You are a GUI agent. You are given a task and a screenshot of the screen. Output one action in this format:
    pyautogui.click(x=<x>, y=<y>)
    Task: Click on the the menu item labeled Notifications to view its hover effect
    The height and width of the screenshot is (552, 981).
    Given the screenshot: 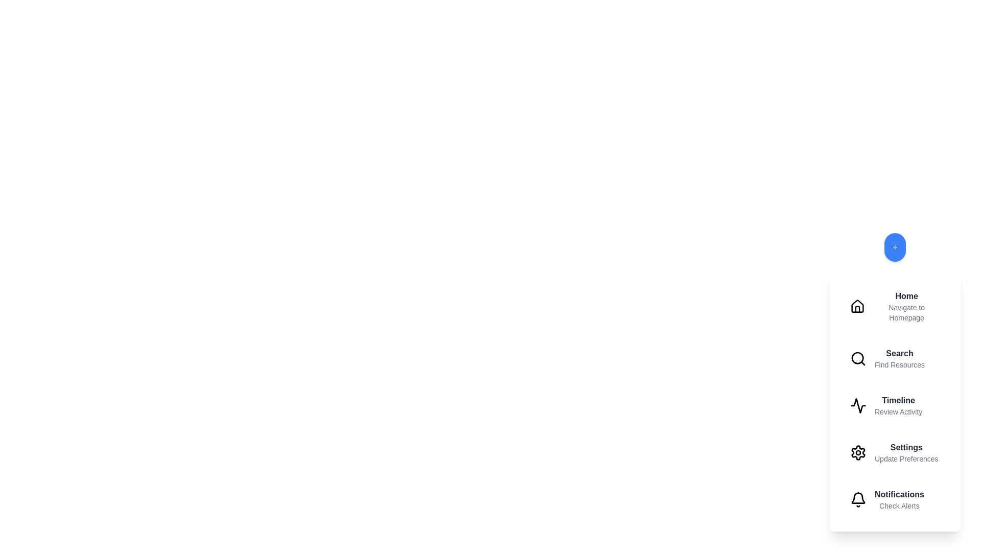 What is the action you would take?
    pyautogui.click(x=895, y=499)
    